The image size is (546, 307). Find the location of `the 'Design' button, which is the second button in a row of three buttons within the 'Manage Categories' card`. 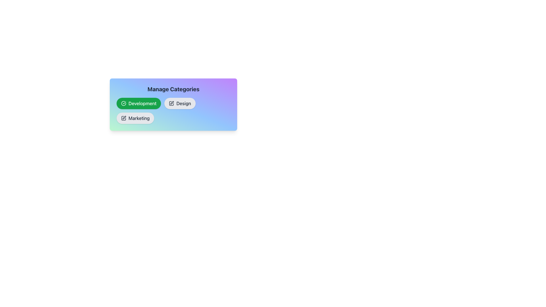

the 'Design' button, which is the second button in a row of three buttons within the 'Manage Categories' card is located at coordinates (173, 104).